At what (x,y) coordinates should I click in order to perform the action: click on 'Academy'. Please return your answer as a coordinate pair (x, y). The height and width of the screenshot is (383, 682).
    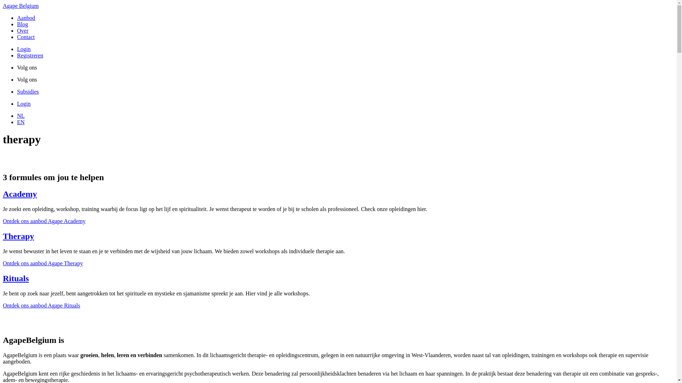
    Looking at the image, I should click on (20, 194).